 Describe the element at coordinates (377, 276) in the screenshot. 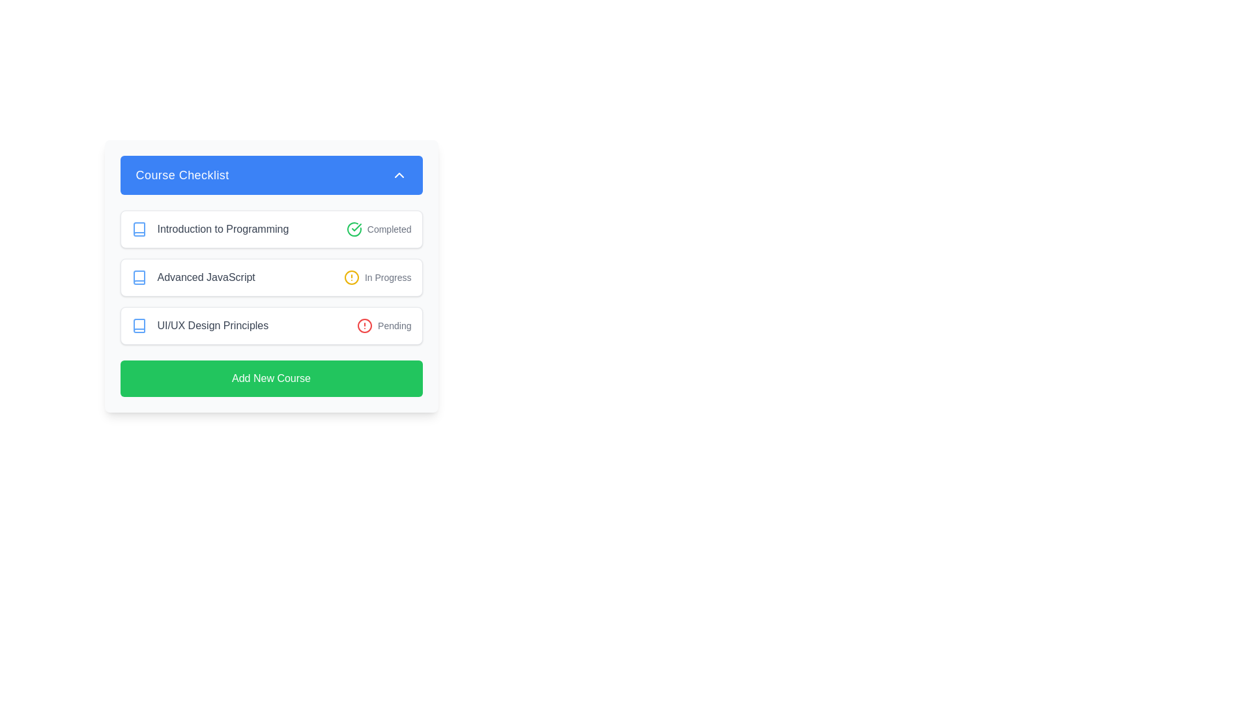

I see `the status indicator for the 'Advanced JavaScript' task, which is the second item's status indicator conveying ongoing progress` at that location.